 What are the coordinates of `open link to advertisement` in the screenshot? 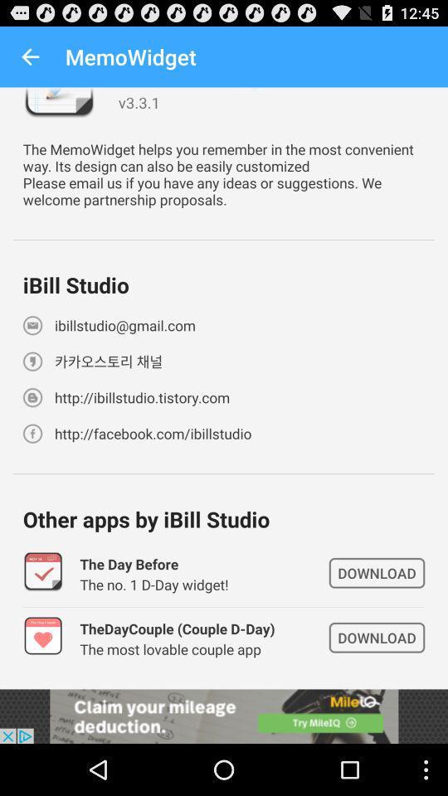 It's located at (224, 716).